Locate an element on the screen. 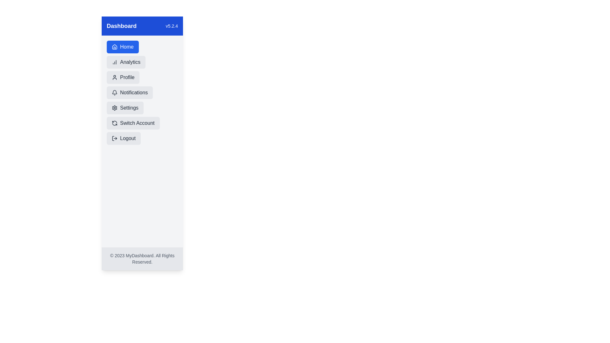 Image resolution: width=610 pixels, height=343 pixels. the 'Analytics' text label in the left vertical navigation bar is located at coordinates (130, 62).